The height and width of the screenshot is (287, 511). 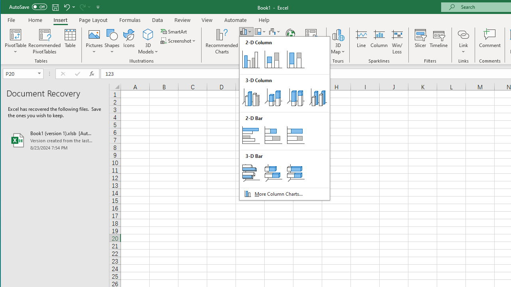 What do you see at coordinates (264, 20) in the screenshot?
I see `'Help'` at bounding box center [264, 20].